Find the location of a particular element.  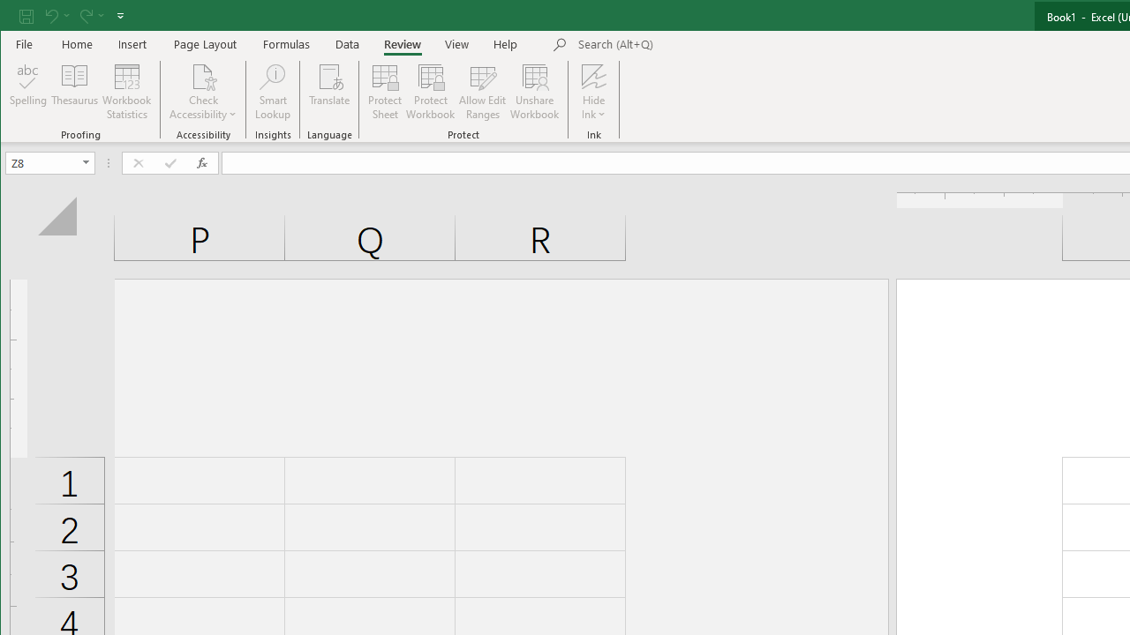

'Smart Lookup' is located at coordinates (272, 92).